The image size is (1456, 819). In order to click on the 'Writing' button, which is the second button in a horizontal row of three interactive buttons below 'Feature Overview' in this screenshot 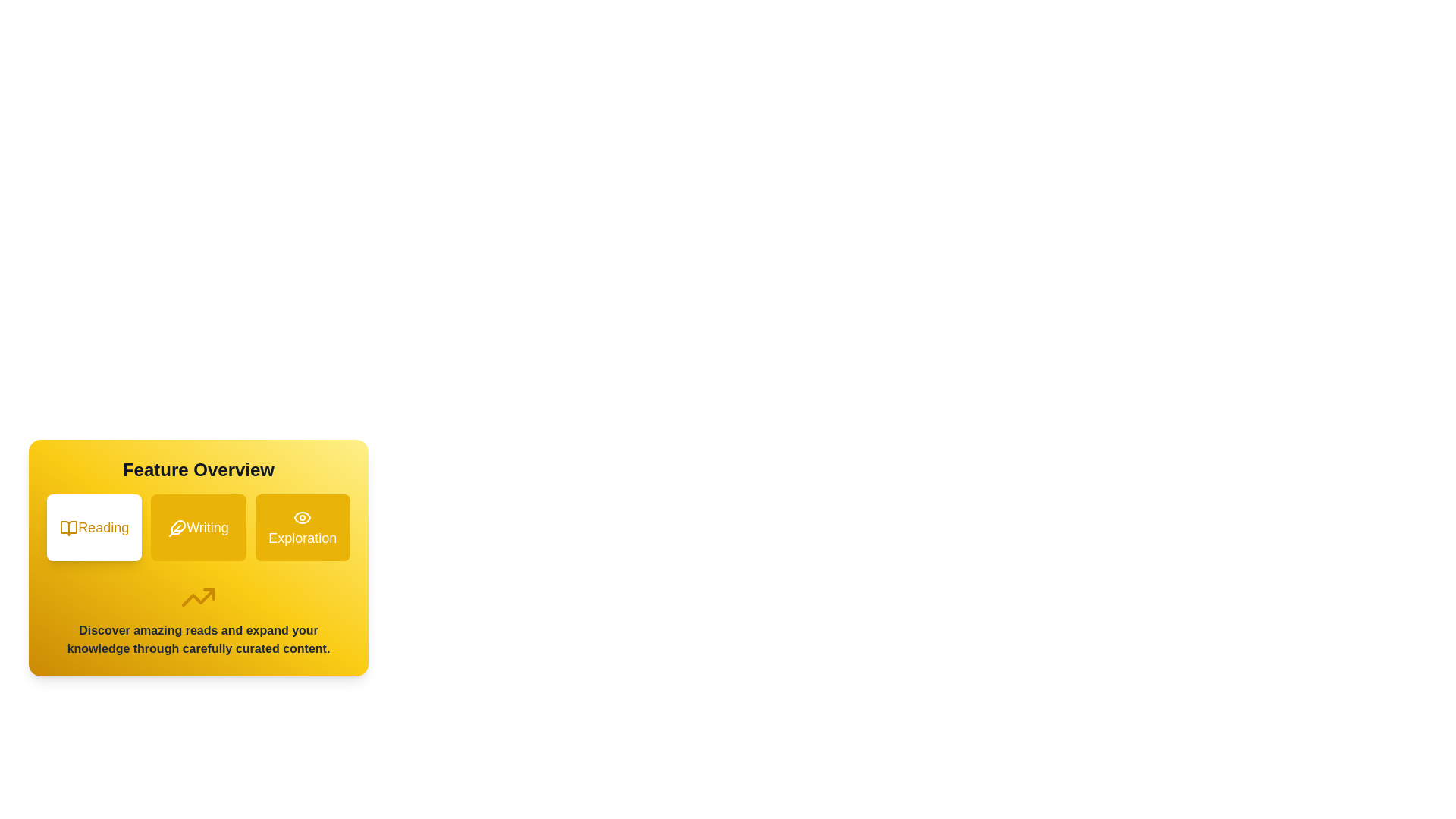, I will do `click(198, 558)`.